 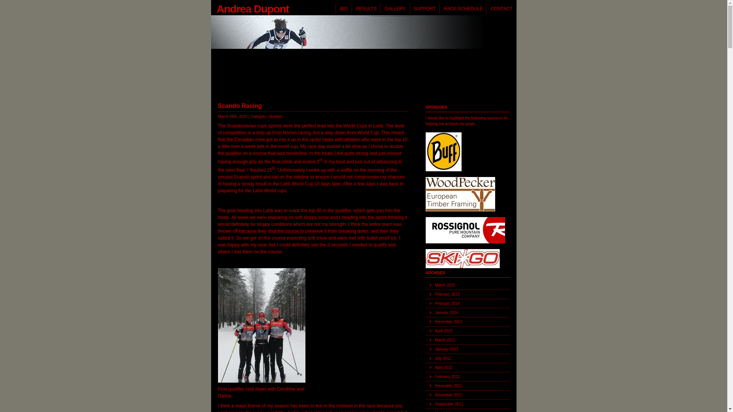 I want to click on 'Andrea Dupont', so click(x=211, y=7).